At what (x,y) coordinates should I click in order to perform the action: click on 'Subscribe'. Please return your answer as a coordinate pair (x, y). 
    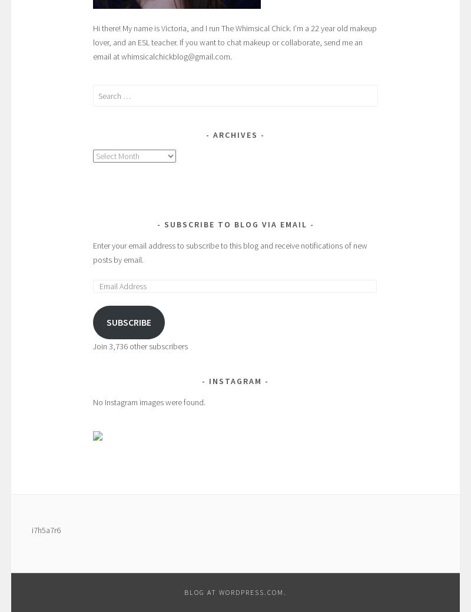
    Looking at the image, I should click on (128, 322).